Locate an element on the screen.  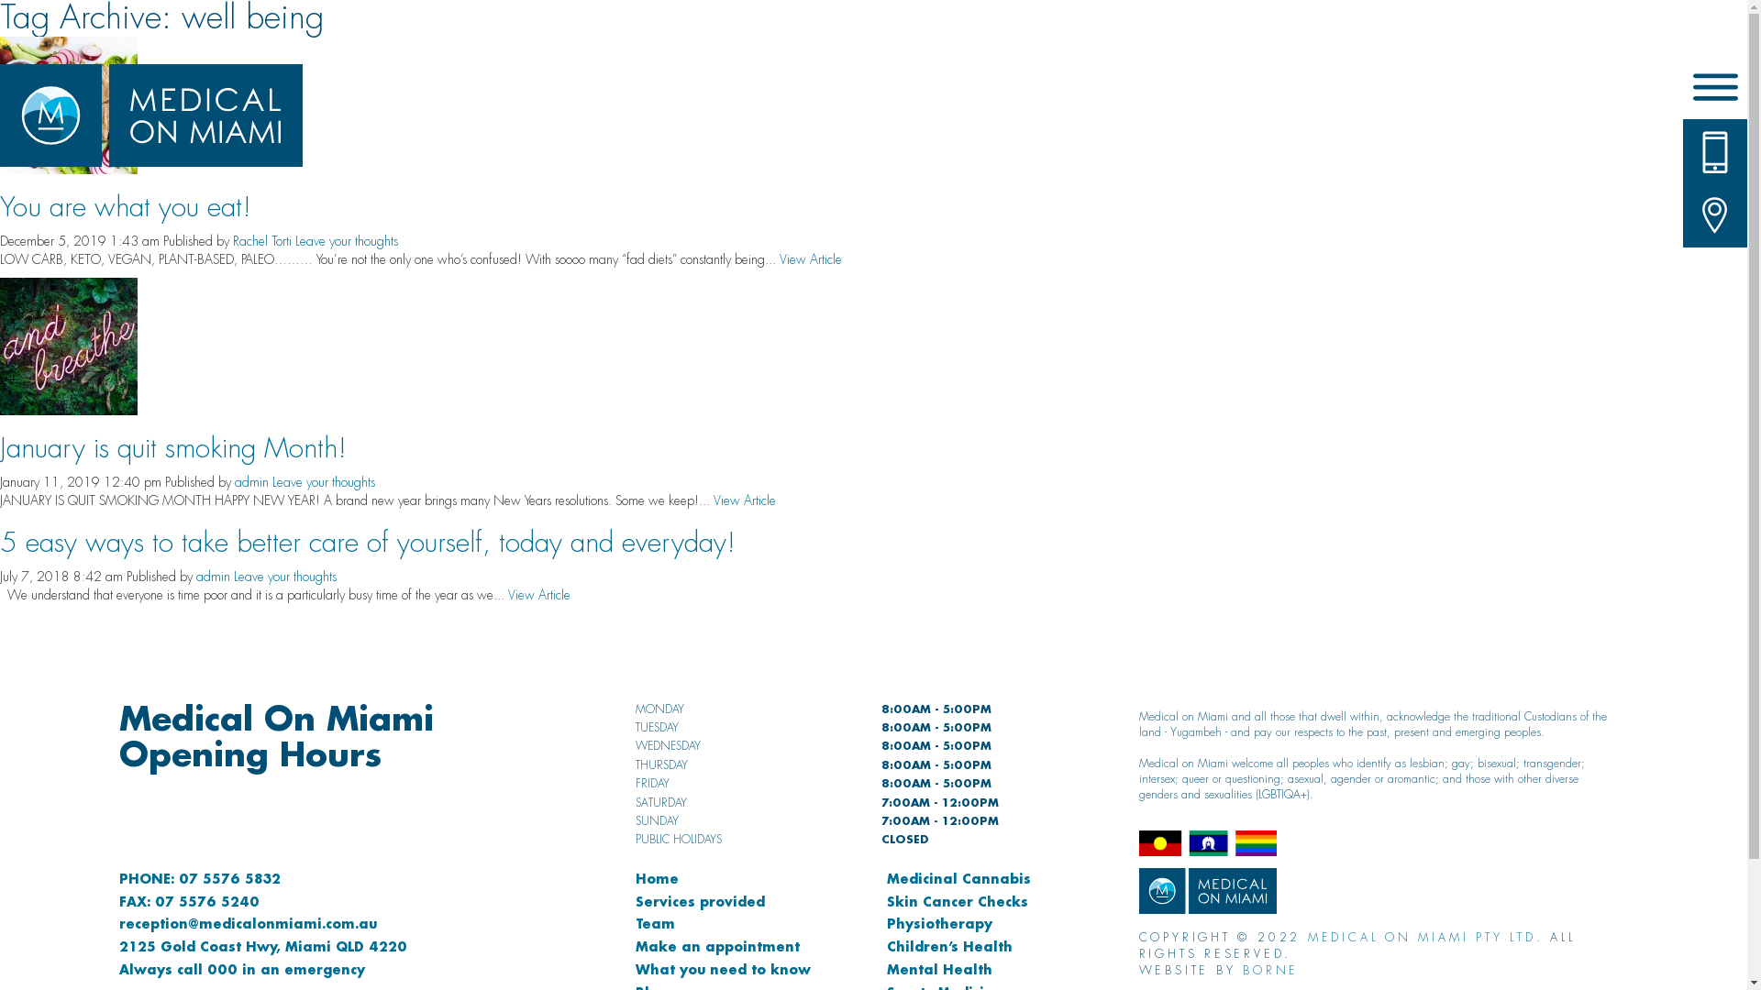
'MEDICAL ON MIAMI PTY LTD.' is located at coordinates (1306, 937).